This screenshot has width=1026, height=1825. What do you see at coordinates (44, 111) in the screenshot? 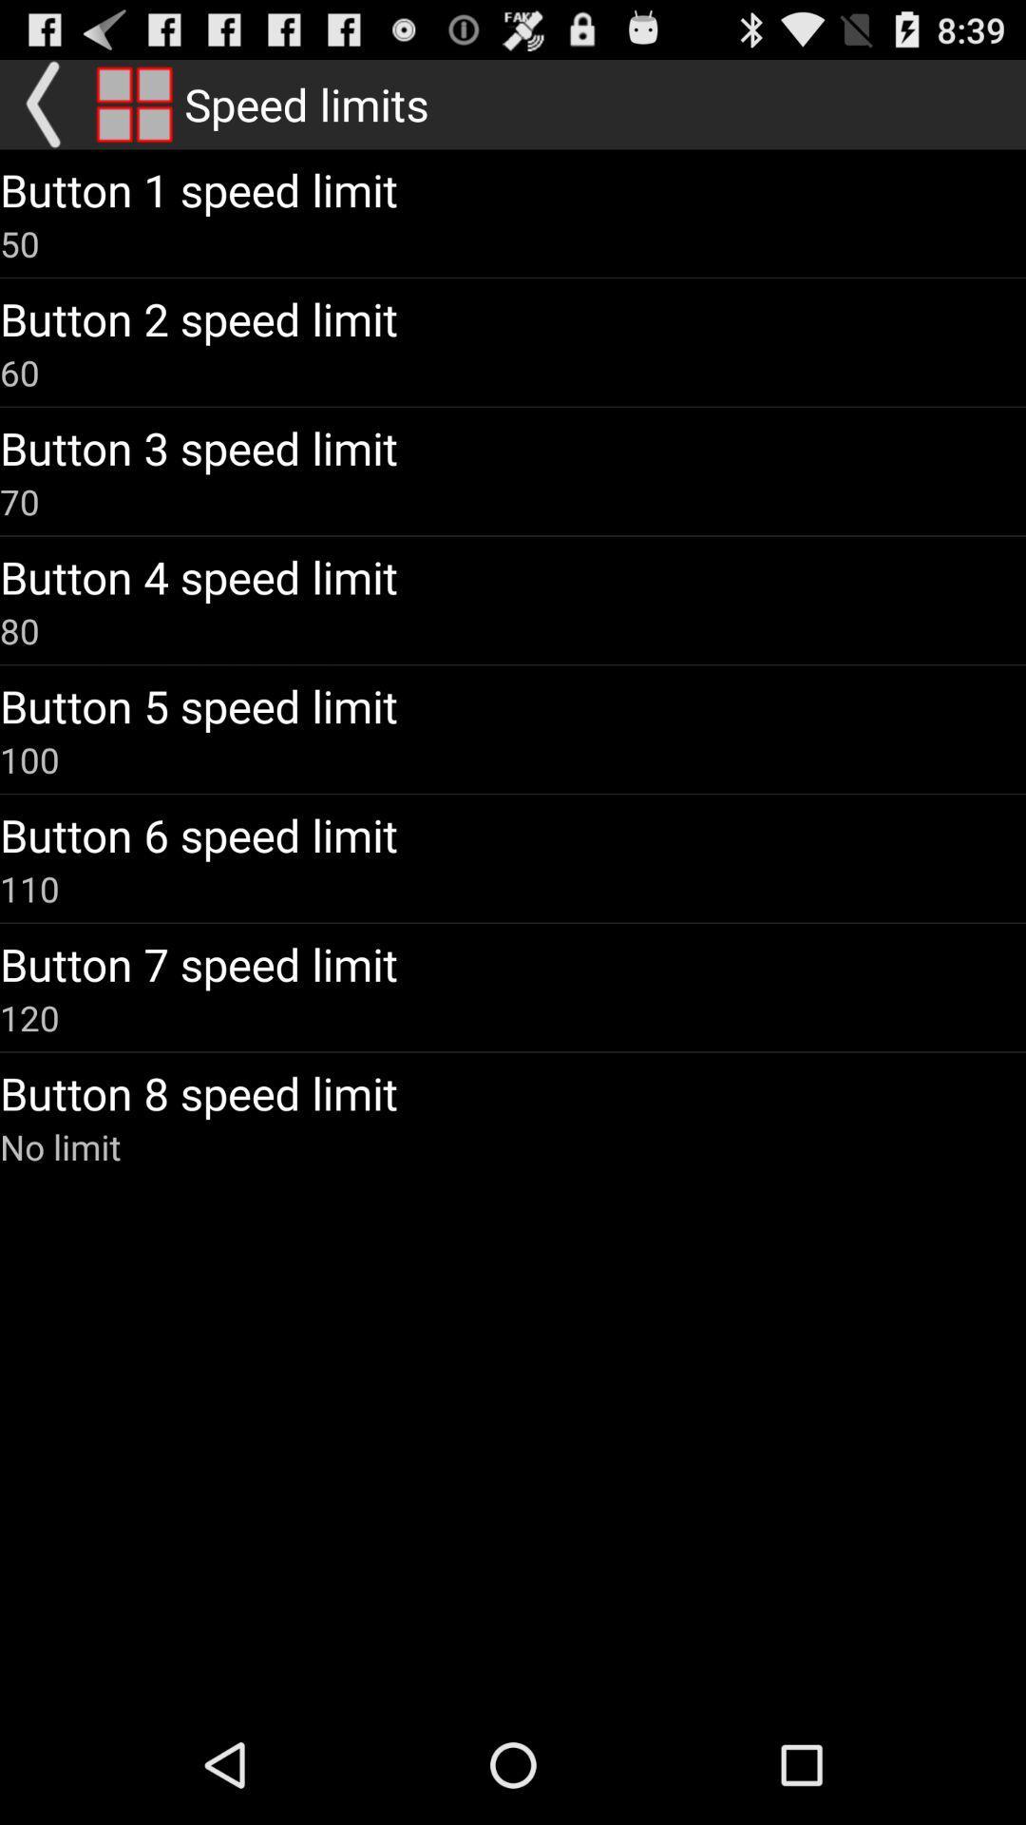
I see `the arrow_backward icon` at bounding box center [44, 111].